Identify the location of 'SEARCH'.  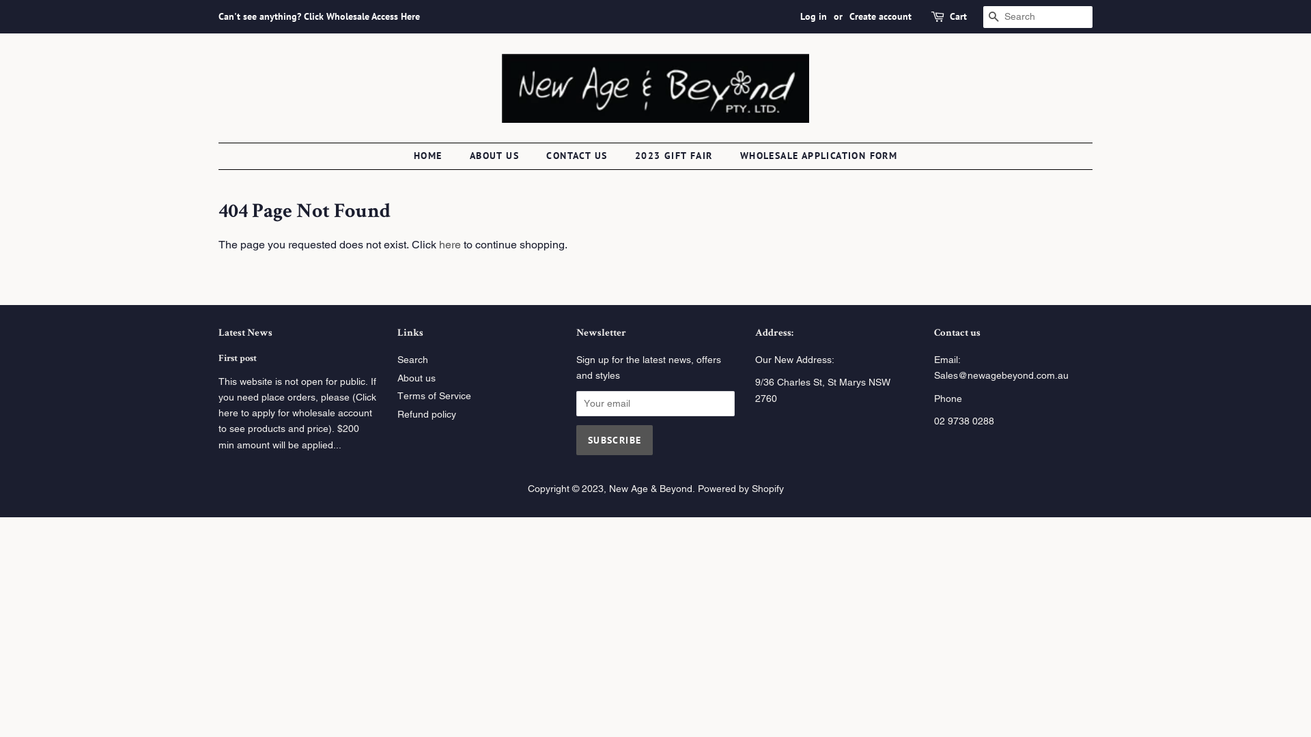
(983, 17).